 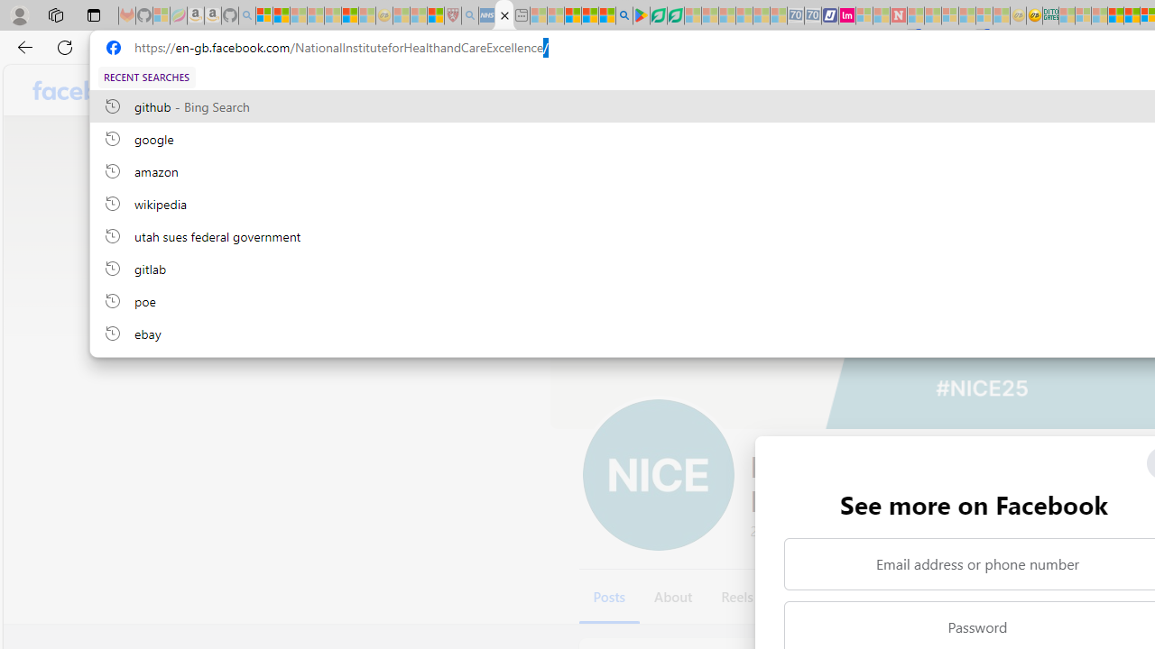 What do you see at coordinates (521, 15) in the screenshot?
I see `'New tab - Sleeping'` at bounding box center [521, 15].